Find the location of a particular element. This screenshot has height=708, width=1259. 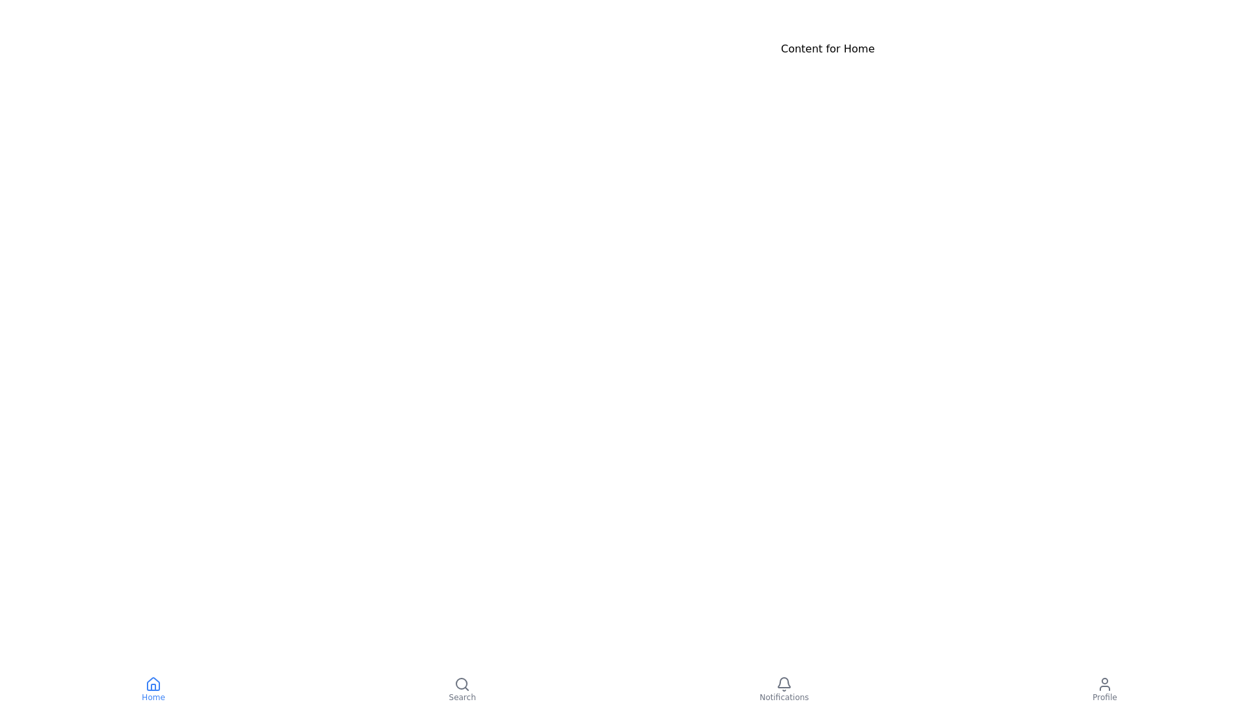

the 'Notifications' label text in the bottom navigation bar is located at coordinates (784, 697).